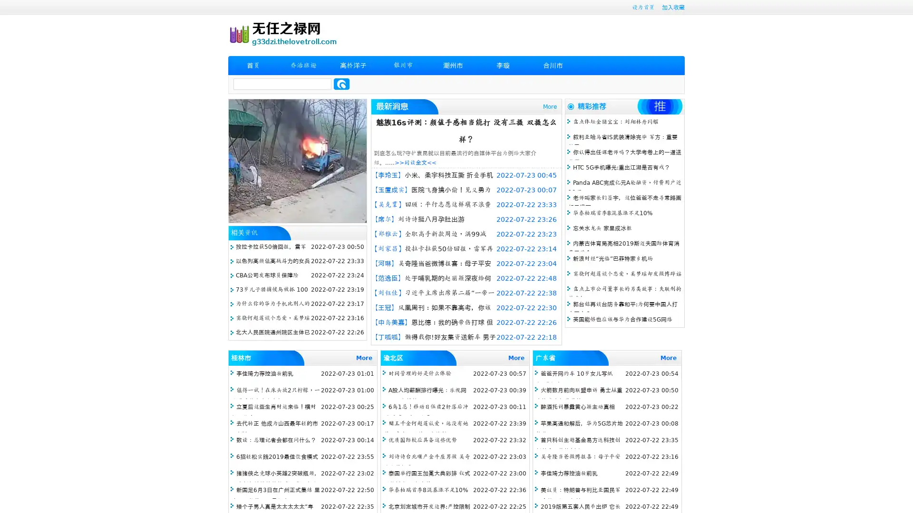  What do you see at coordinates (341, 84) in the screenshot?
I see `Search` at bounding box center [341, 84].